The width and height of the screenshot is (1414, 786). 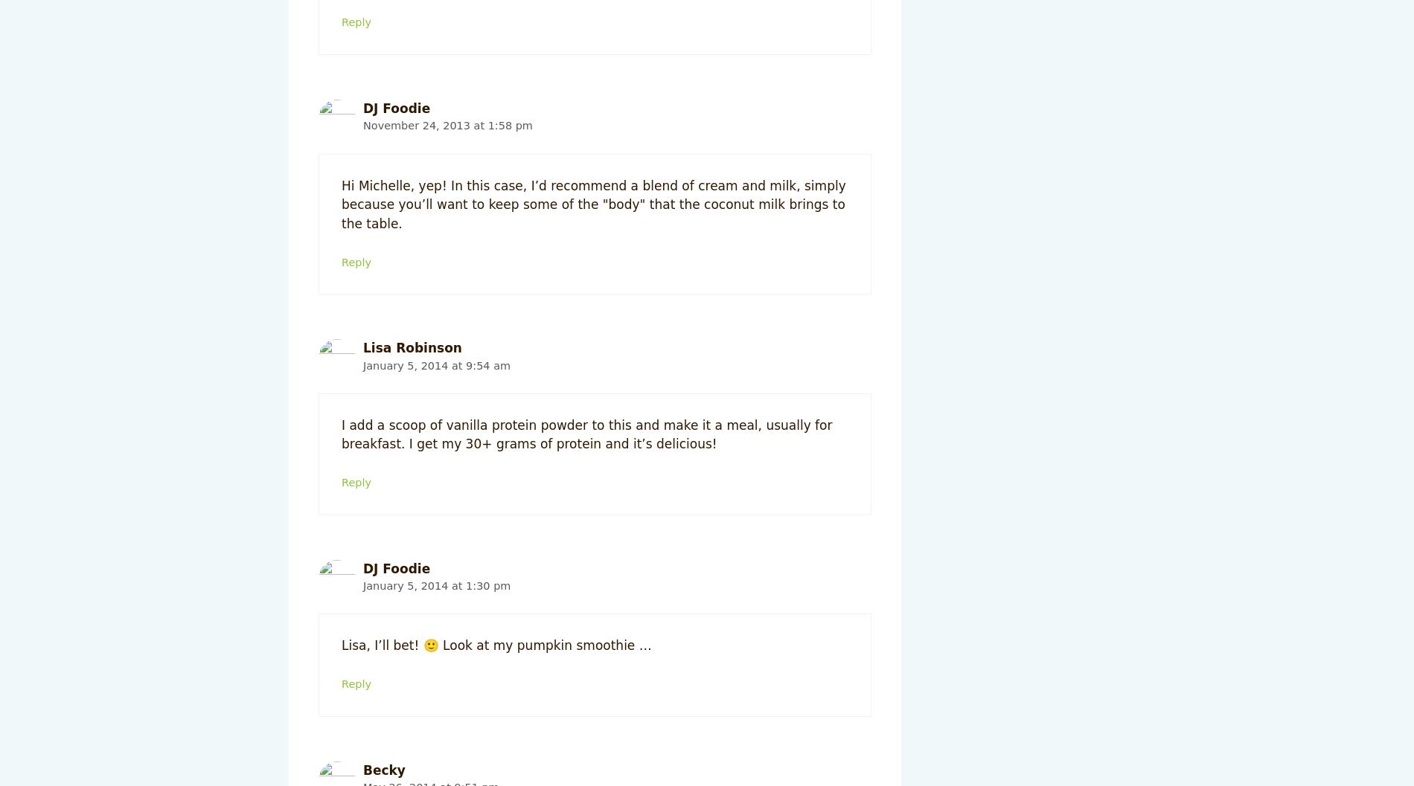 What do you see at coordinates (592, 203) in the screenshot?
I see `'Hi Michelle, yep!  In this case, I’d recommend a blend of cream and milk, simply because you’ll want to keep some of the "body" that the coconut milk brings to the table.'` at bounding box center [592, 203].